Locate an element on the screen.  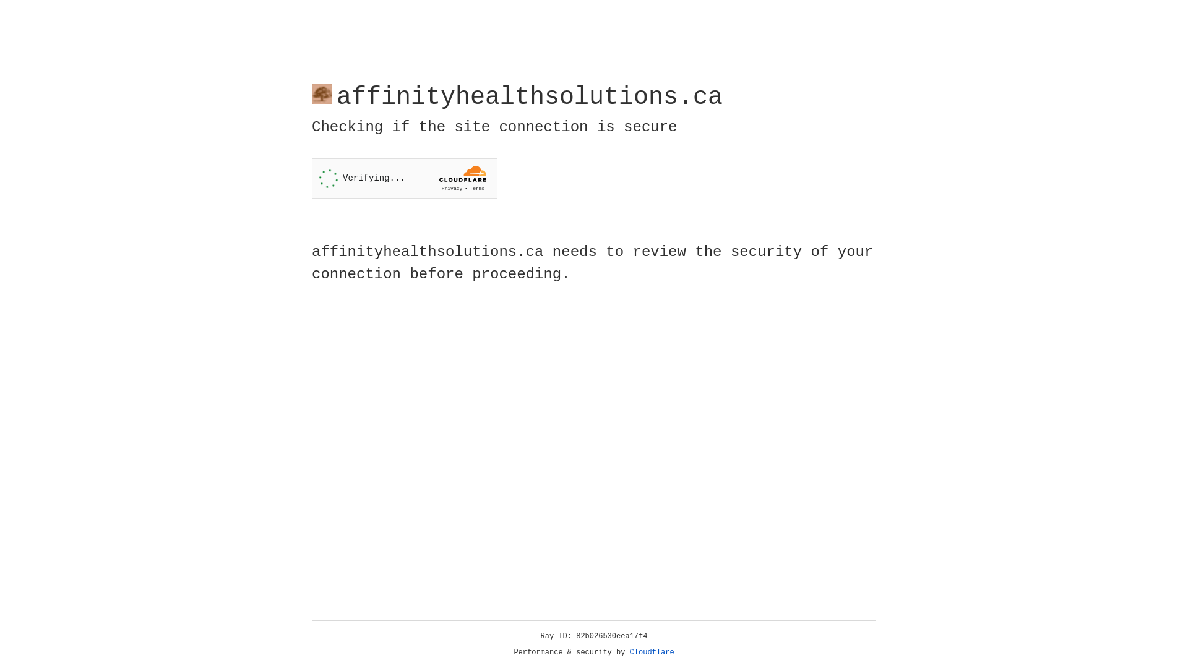
'Cloudflare' is located at coordinates (652, 652).